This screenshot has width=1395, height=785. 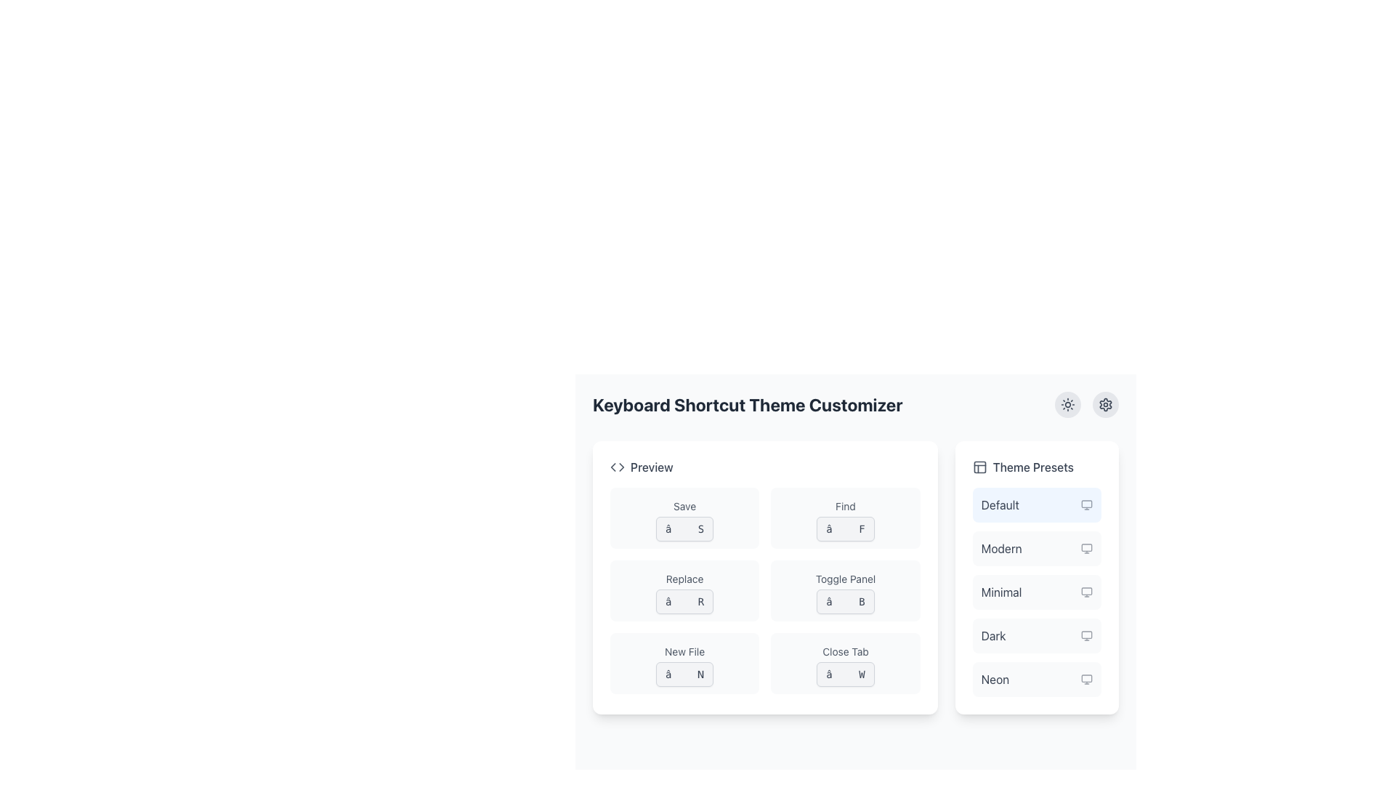 What do you see at coordinates (1087, 592) in the screenshot?
I see `the small, square-shaped icon with a monitor silhouette, located next to the text 'Minimal'` at bounding box center [1087, 592].